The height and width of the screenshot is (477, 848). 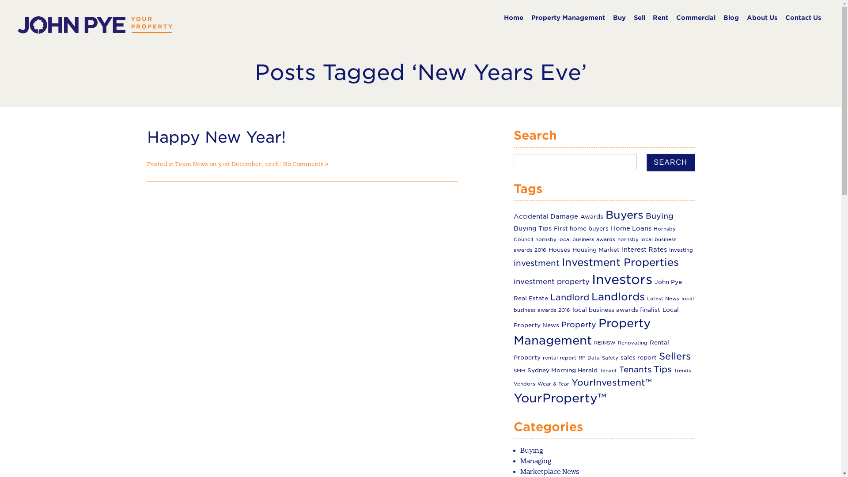 I want to click on 'Happy New Year!', so click(x=216, y=137).